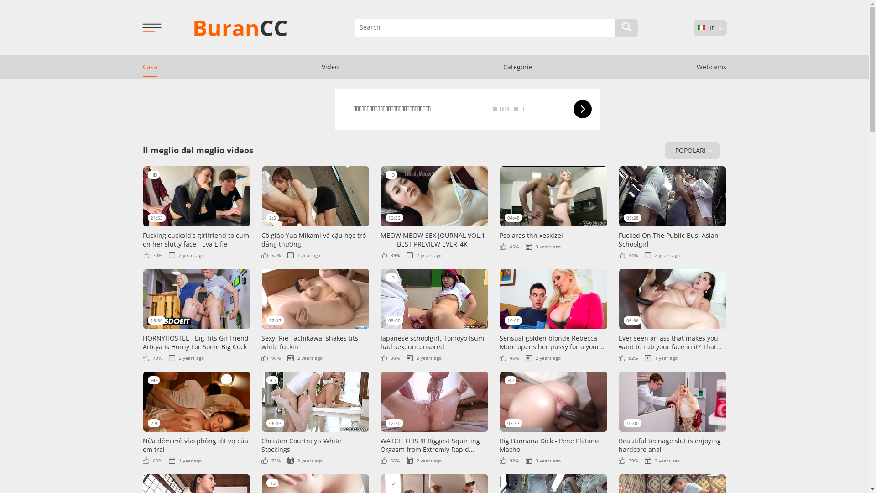 The width and height of the screenshot is (876, 493). Describe the element at coordinates (240, 27) in the screenshot. I see `'BuranCC'` at that location.